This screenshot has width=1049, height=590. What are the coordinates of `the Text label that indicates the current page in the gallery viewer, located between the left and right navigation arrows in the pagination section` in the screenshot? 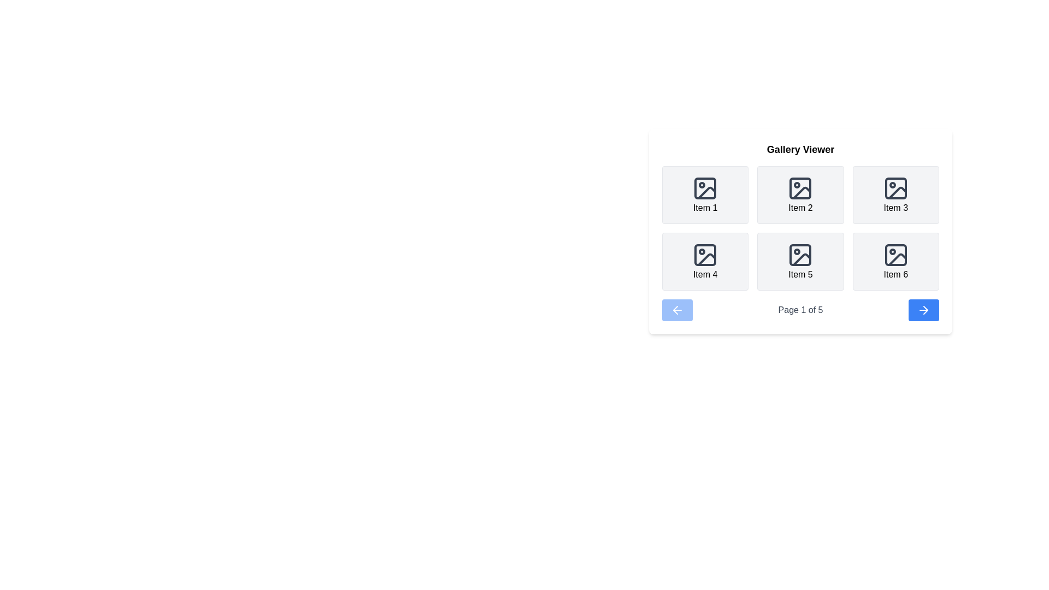 It's located at (800, 310).